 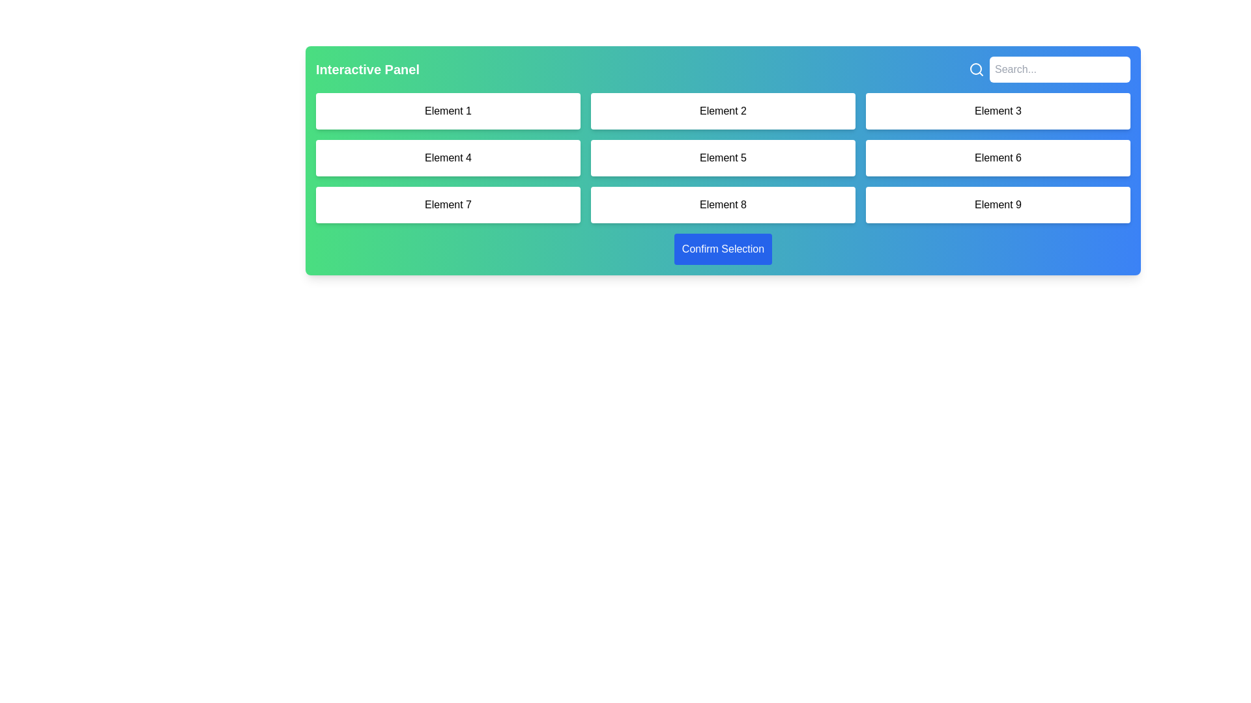 I want to click on the Button-like grid tile located in the second row, third column of the 3x3 grid layout, so click(x=997, y=158).